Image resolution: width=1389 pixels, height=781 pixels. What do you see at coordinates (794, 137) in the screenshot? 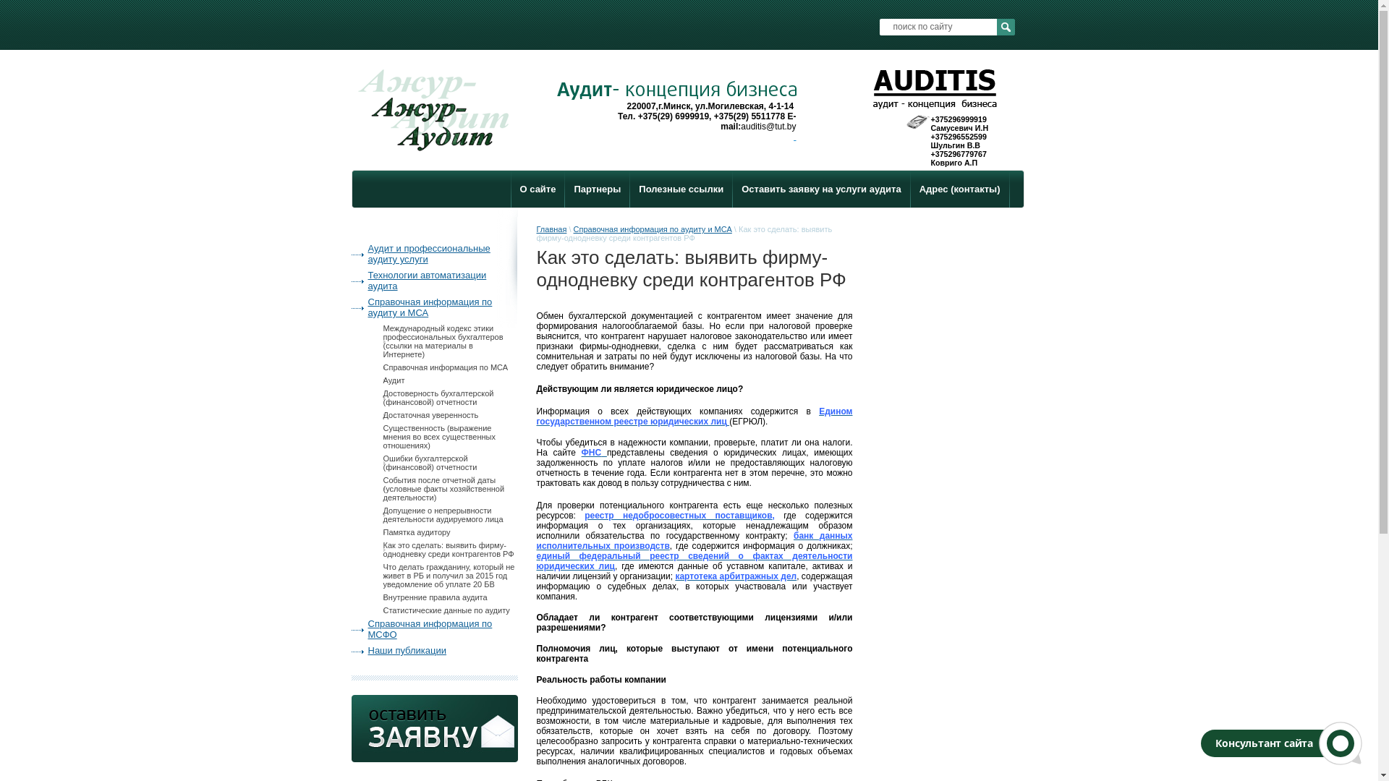
I see `' '` at bounding box center [794, 137].